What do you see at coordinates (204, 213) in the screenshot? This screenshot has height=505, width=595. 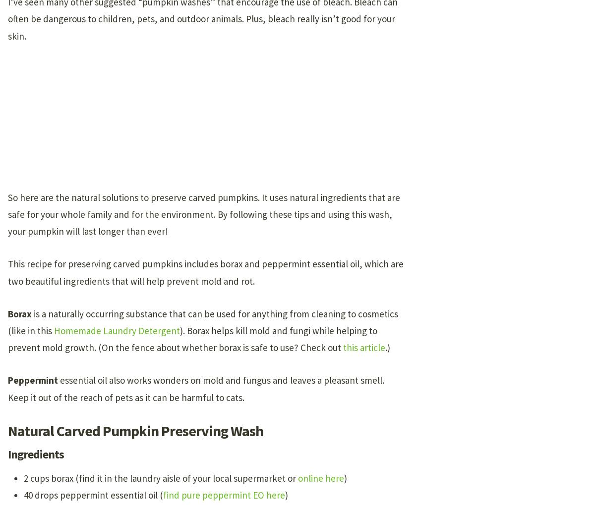 I see `'So here are the natural solutions to preserve carved pumpkins. It uses natural ingredients that are safe for your whole family and for the environment. By following these tips and using this wash, your pumpkin will last longer than ever!'` at bounding box center [204, 213].